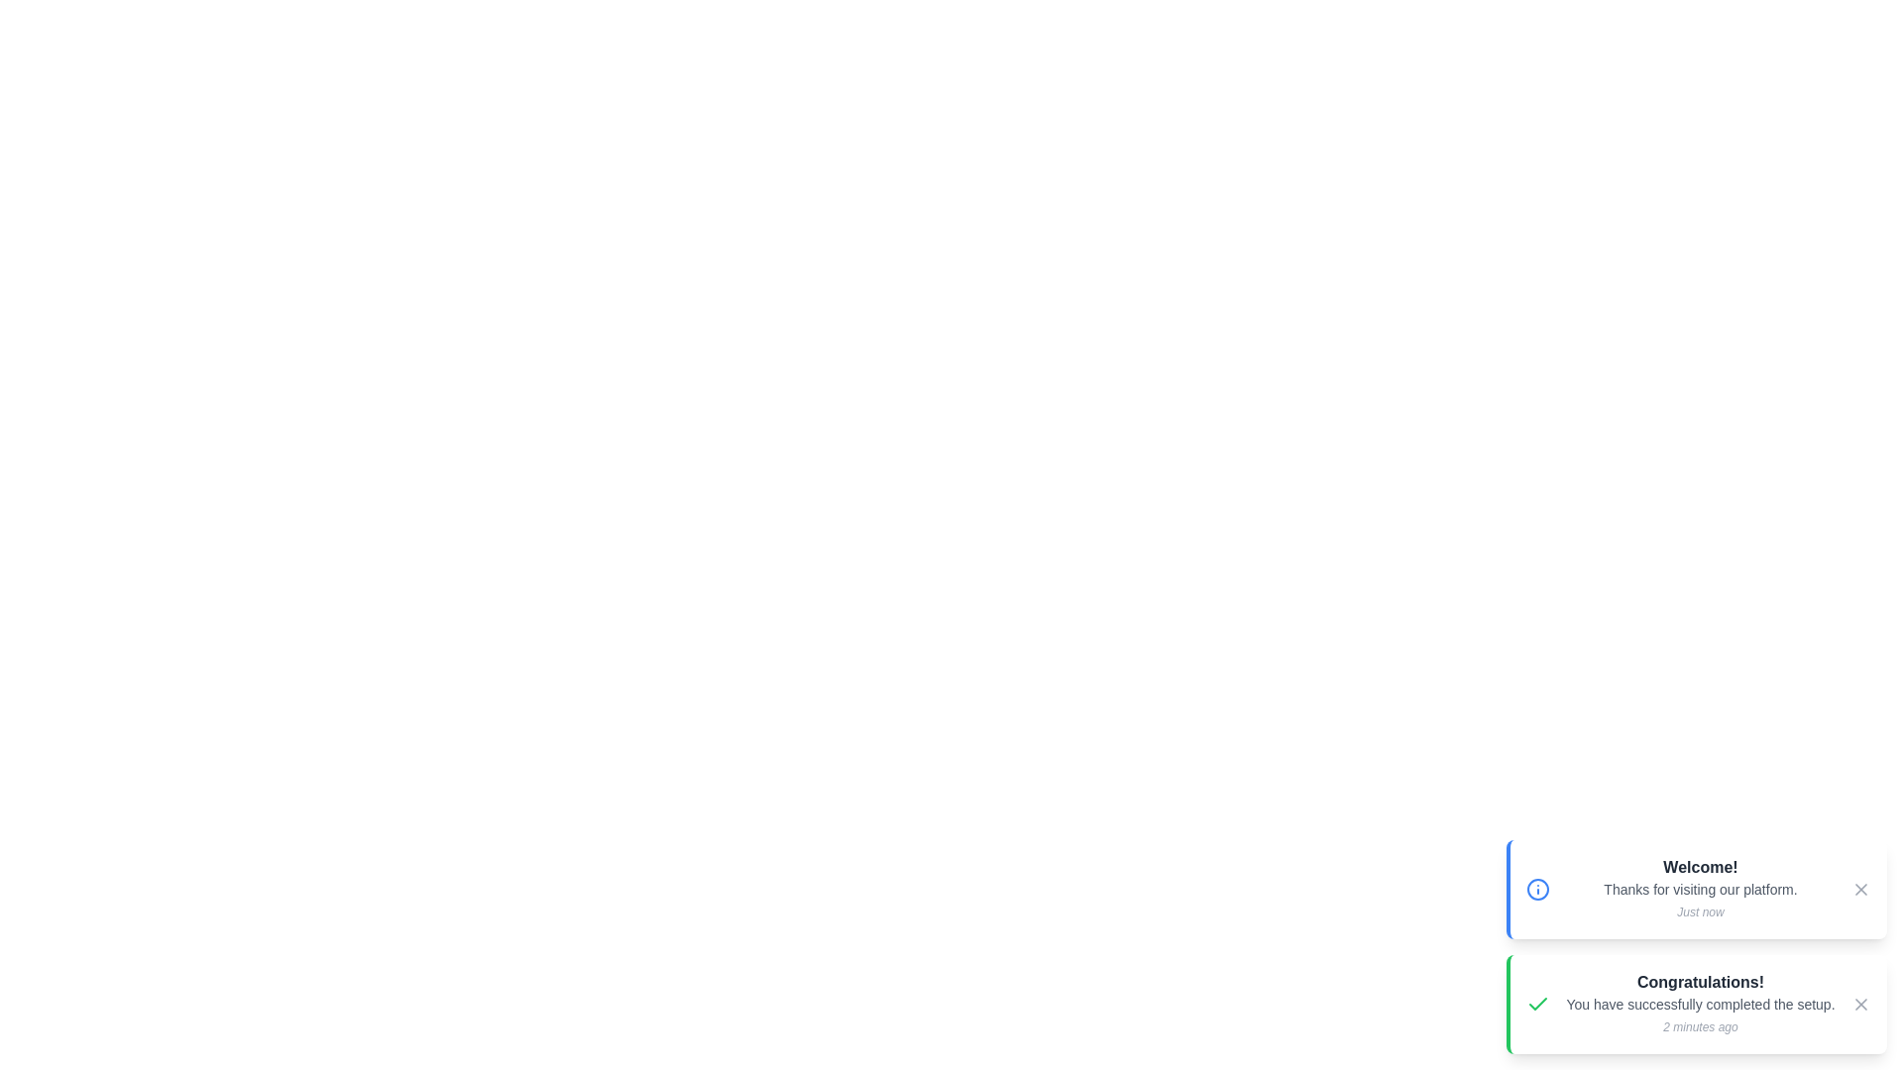  Describe the element at coordinates (1696, 889) in the screenshot. I see `the notification with title Welcome!` at that location.